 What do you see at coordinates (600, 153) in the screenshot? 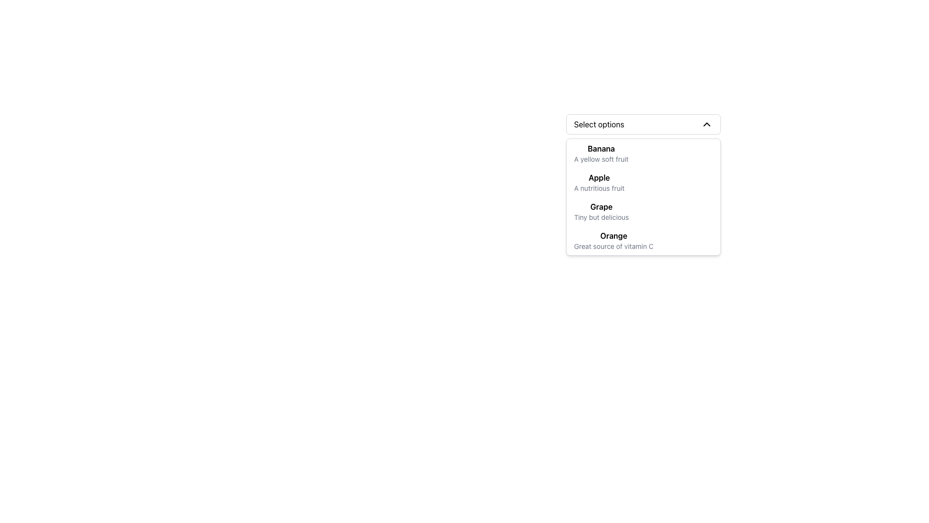
I see `the 'Banana' option in the dropdown menu` at bounding box center [600, 153].